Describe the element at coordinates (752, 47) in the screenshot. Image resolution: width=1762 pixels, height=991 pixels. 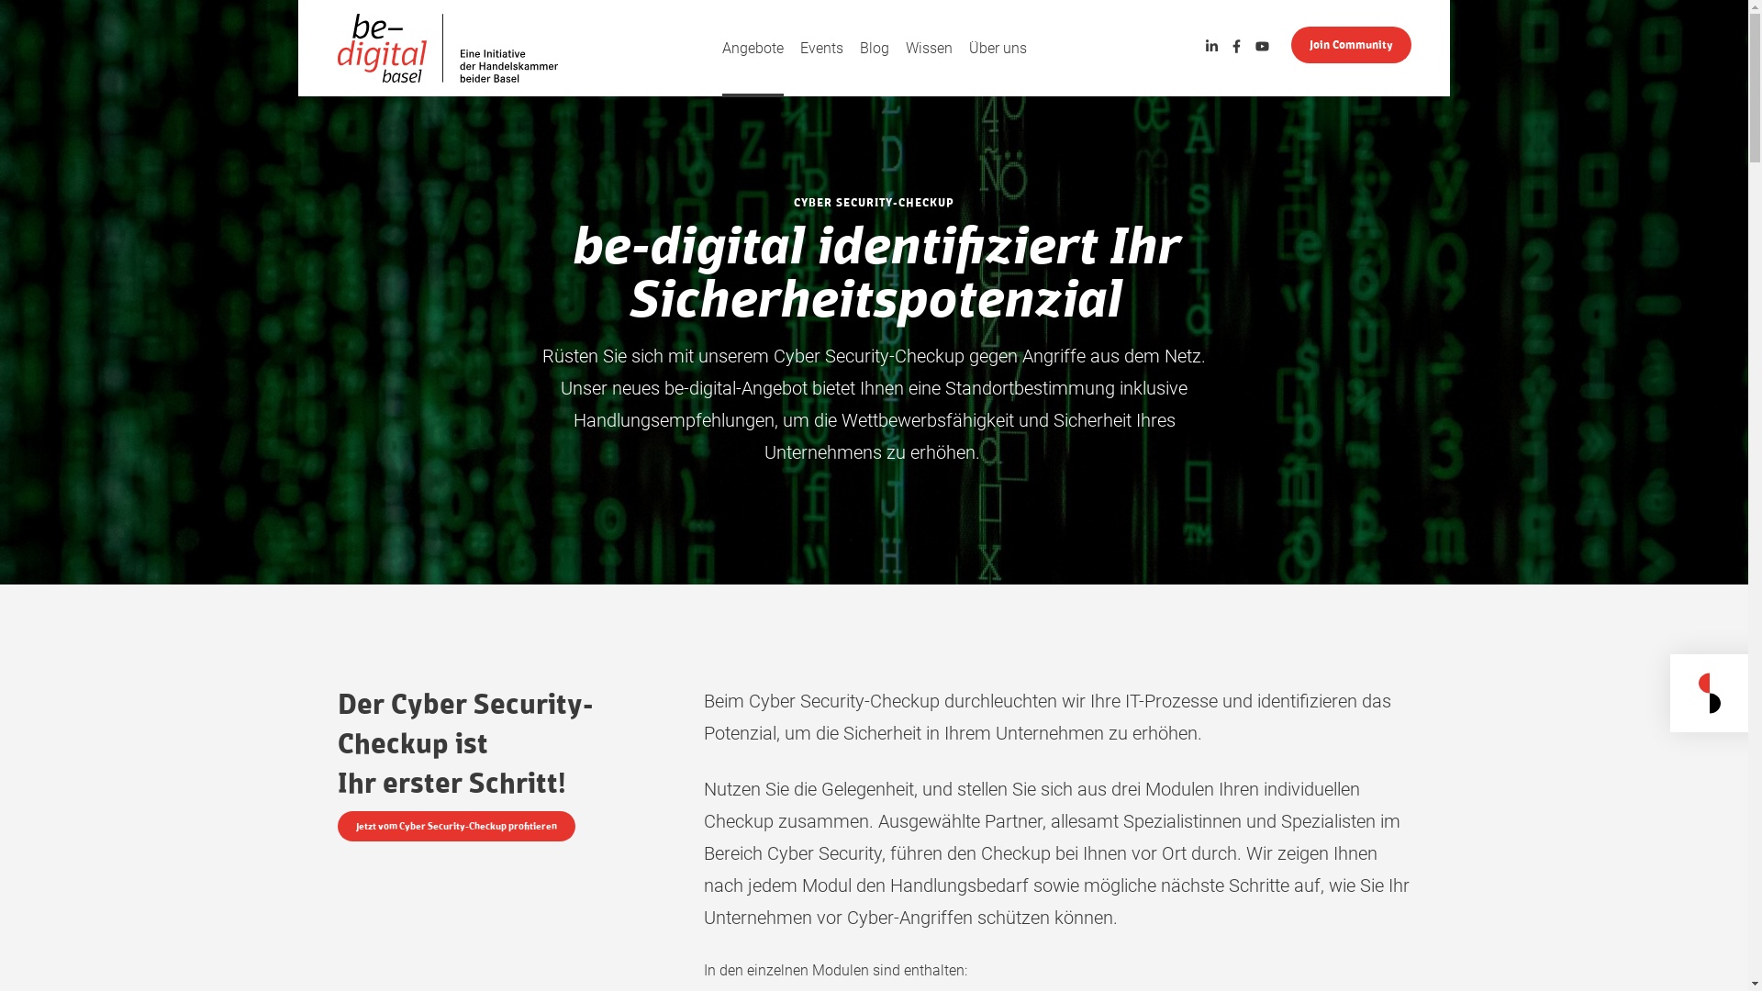
I see `'Angebote'` at that location.